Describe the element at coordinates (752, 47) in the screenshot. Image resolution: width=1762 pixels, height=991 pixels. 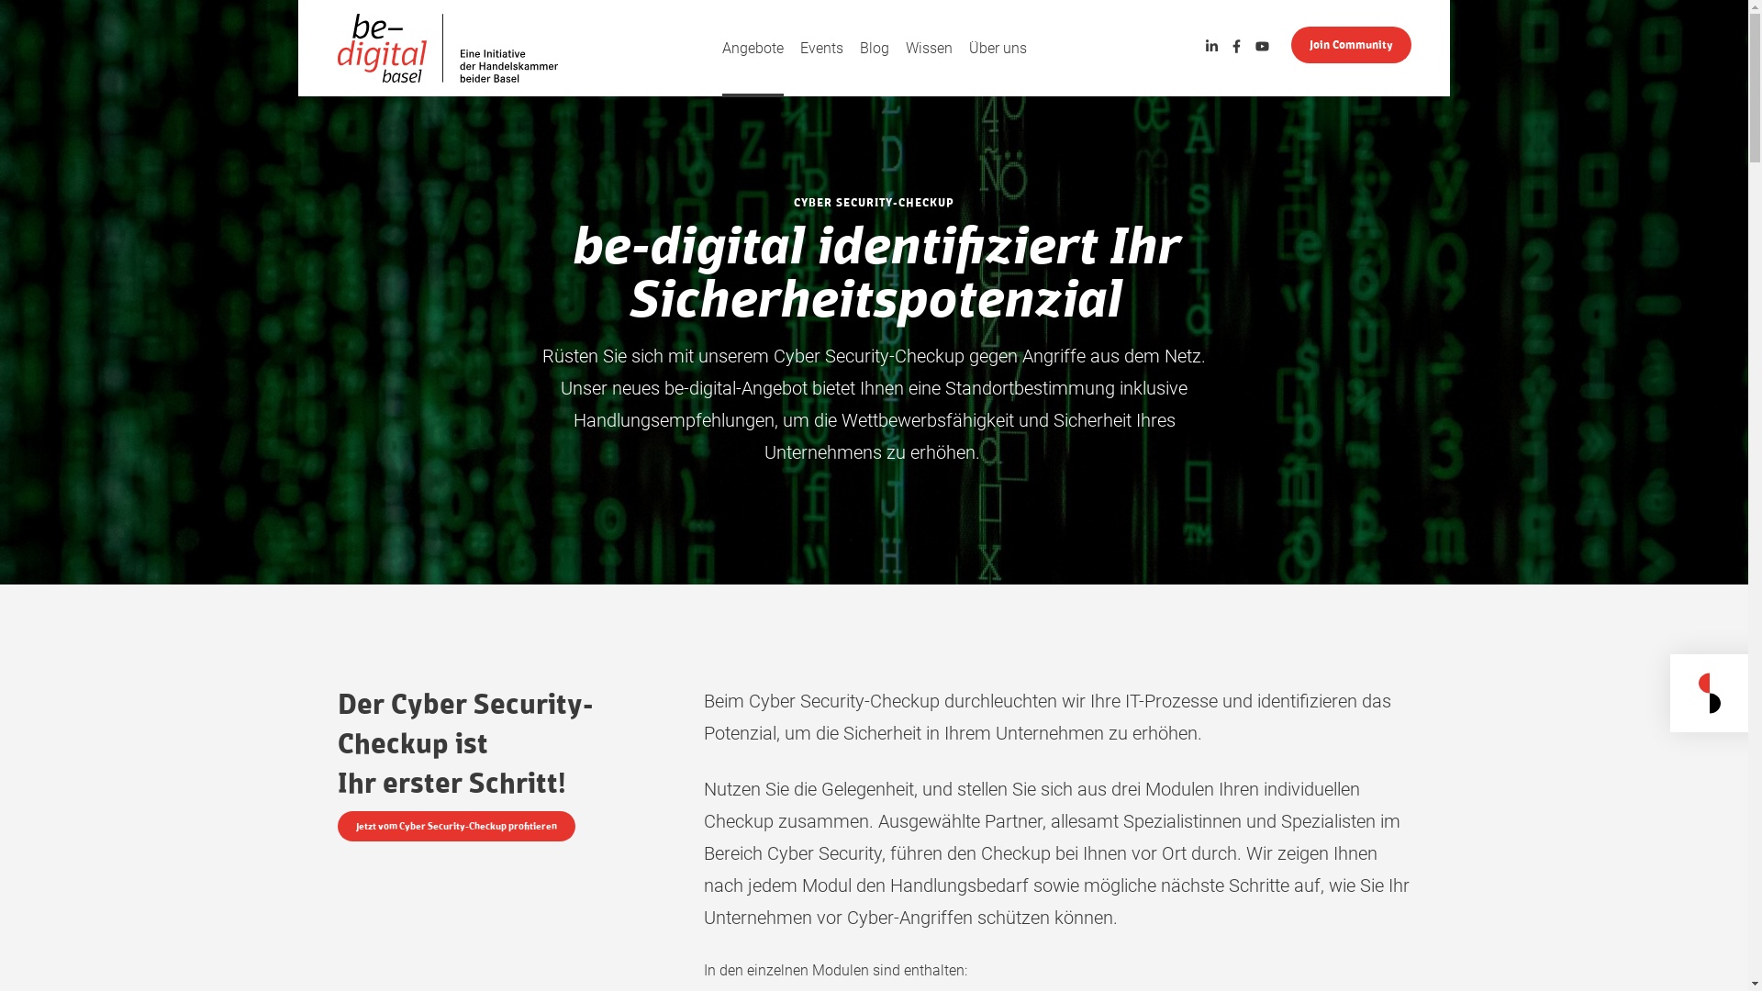
I see `'Angebote'` at that location.